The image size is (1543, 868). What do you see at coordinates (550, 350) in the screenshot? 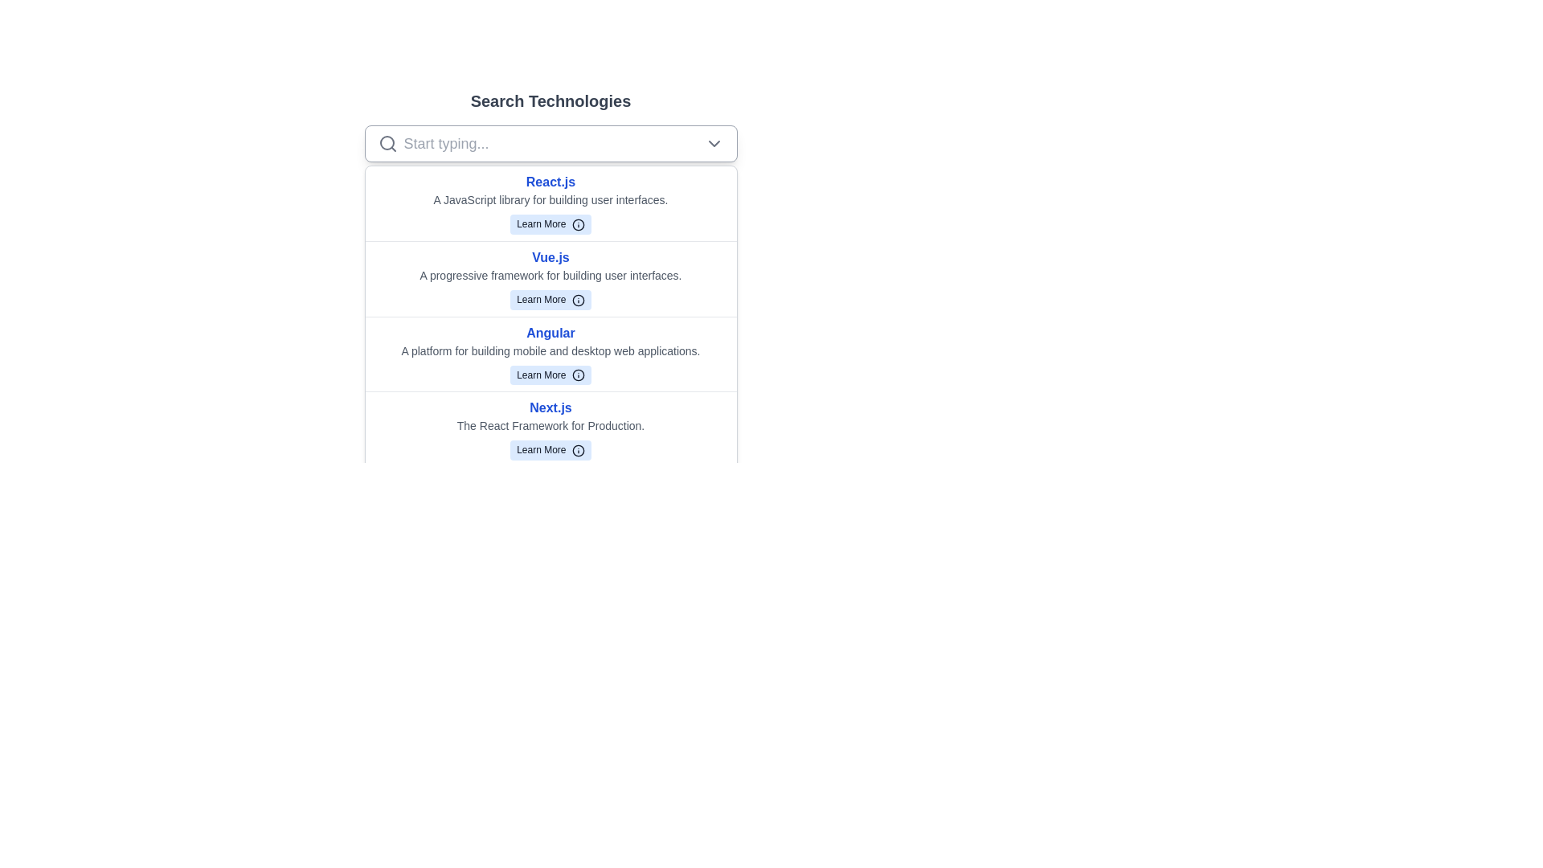
I see `the text label stating 'A platform for building mobile and desktop web applications.' which is styled in a small gray font and positioned below the title 'Angular' and above the 'Learn More' button` at bounding box center [550, 350].